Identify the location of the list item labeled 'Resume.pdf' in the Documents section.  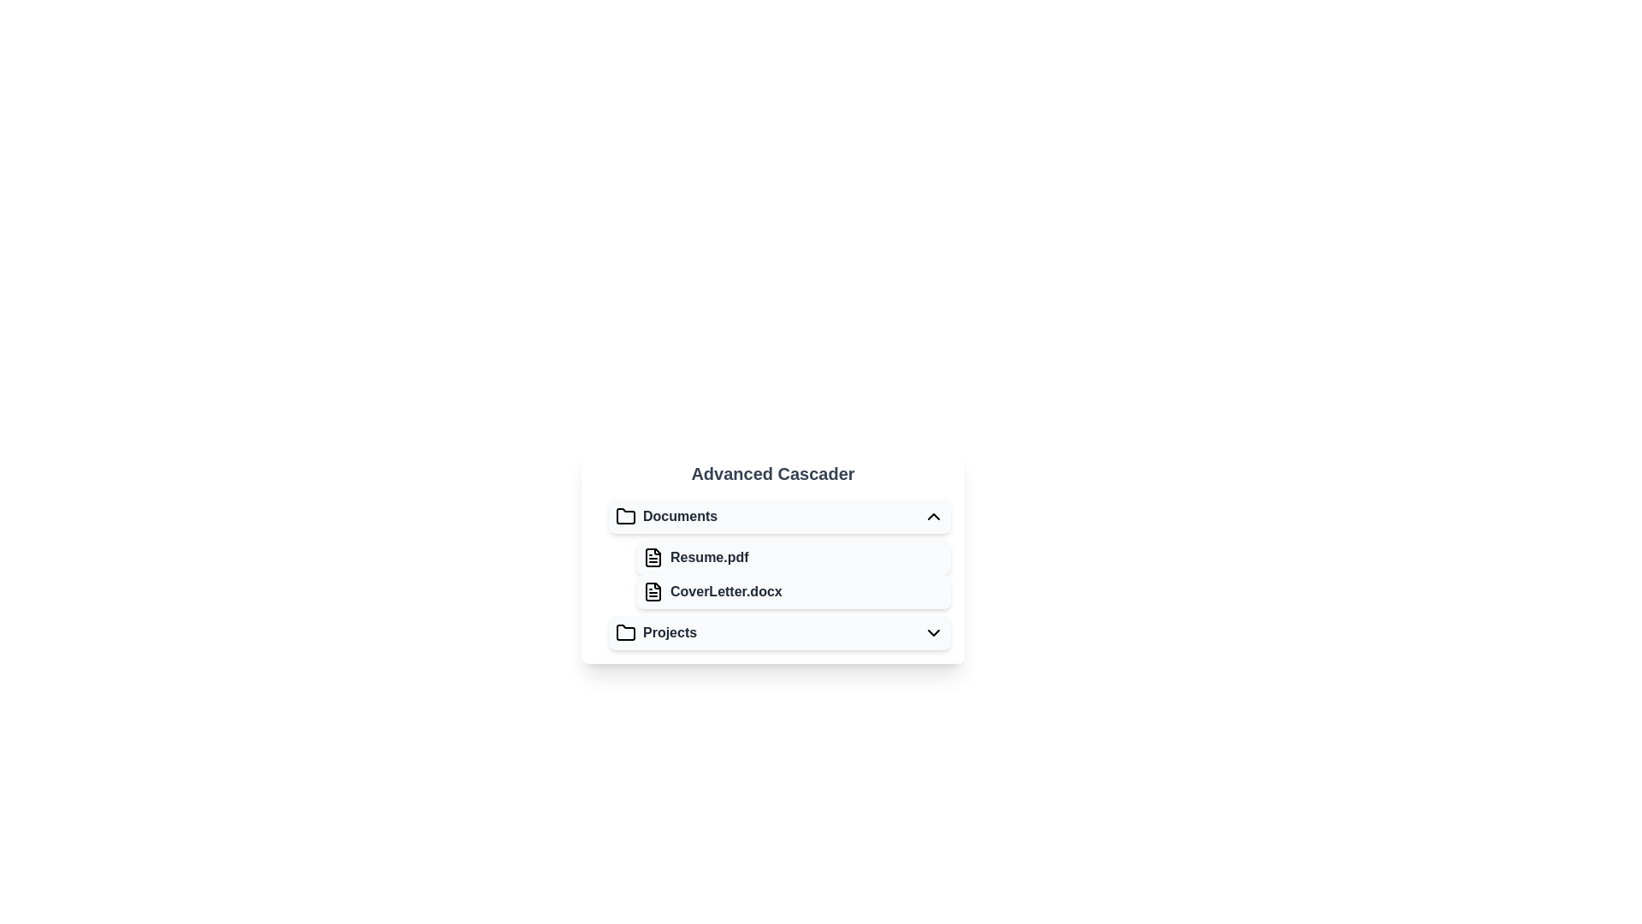
(695, 557).